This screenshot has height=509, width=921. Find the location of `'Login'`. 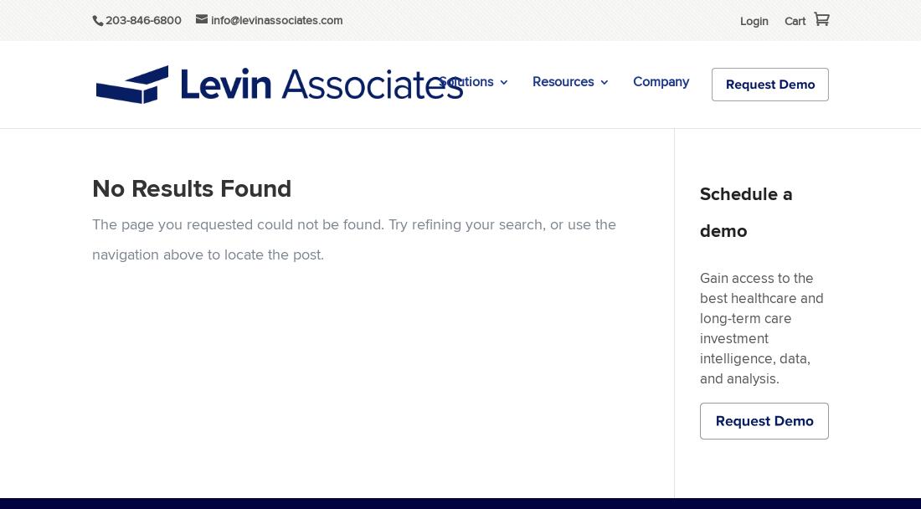

'Login' is located at coordinates (754, 20).